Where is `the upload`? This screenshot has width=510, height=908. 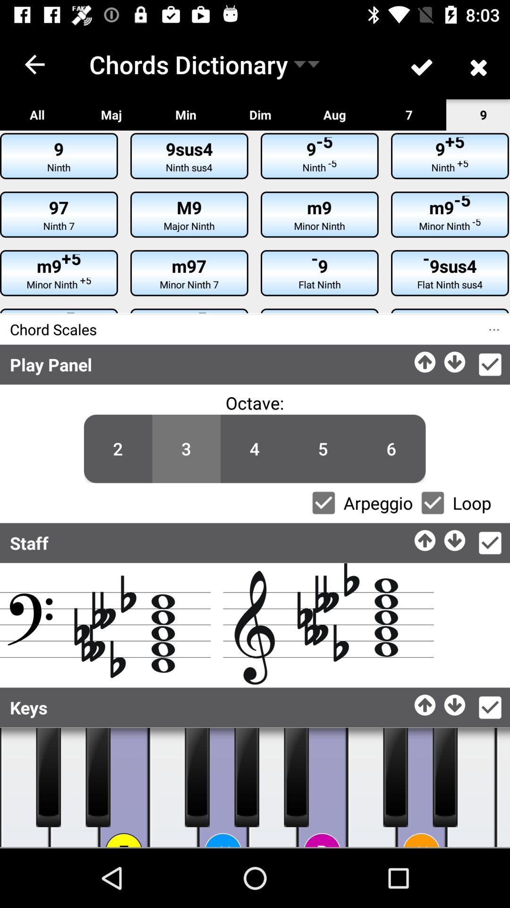
the upload is located at coordinates (425, 702).